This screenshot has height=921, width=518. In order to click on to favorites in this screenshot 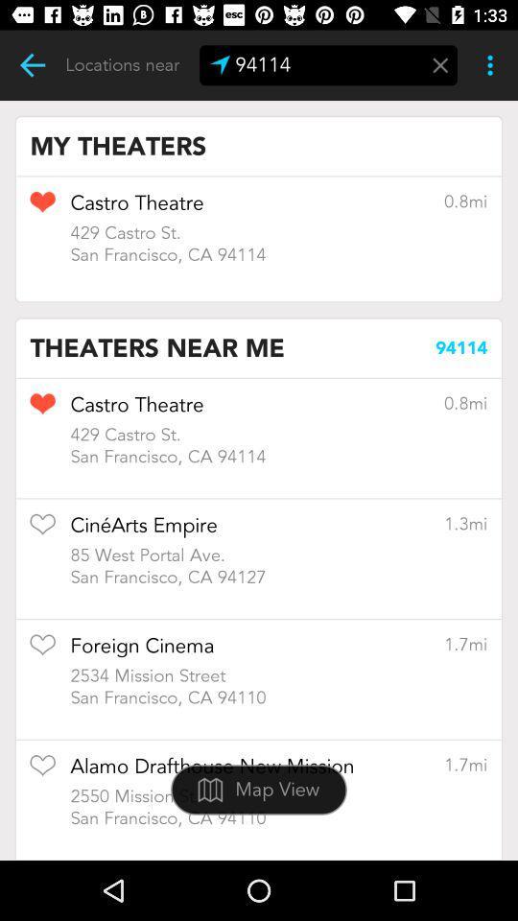, I will do `click(42, 531)`.